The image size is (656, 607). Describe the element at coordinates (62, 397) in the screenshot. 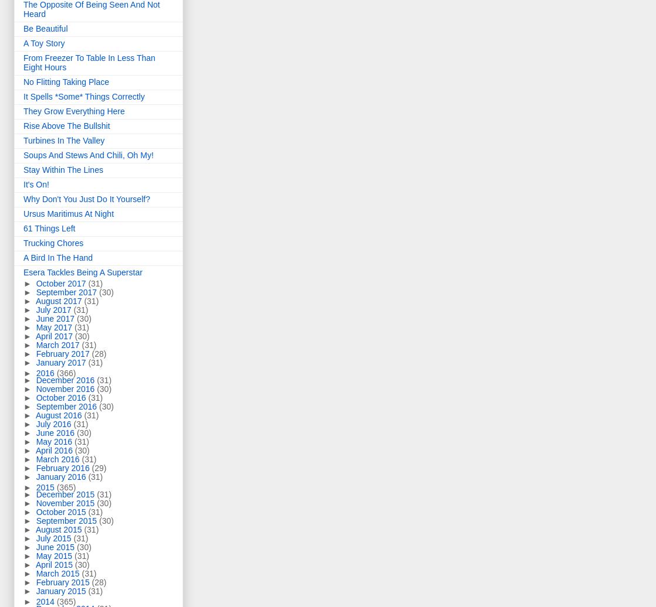

I see `'October 2016'` at that location.